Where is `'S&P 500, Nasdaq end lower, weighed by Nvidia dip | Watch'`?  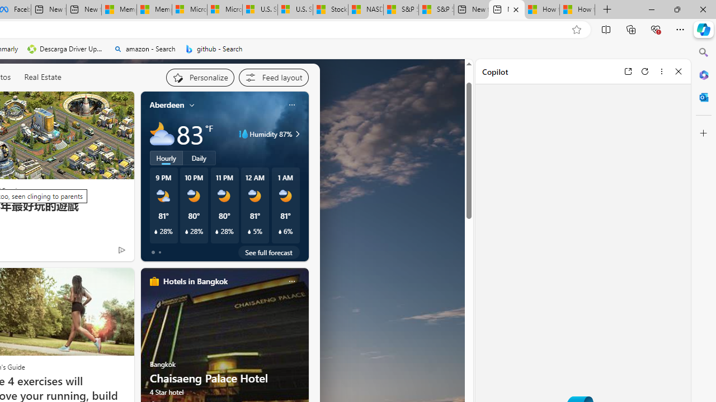 'S&P 500, Nasdaq end lower, weighed by Nvidia dip | Watch' is located at coordinates (436, 9).